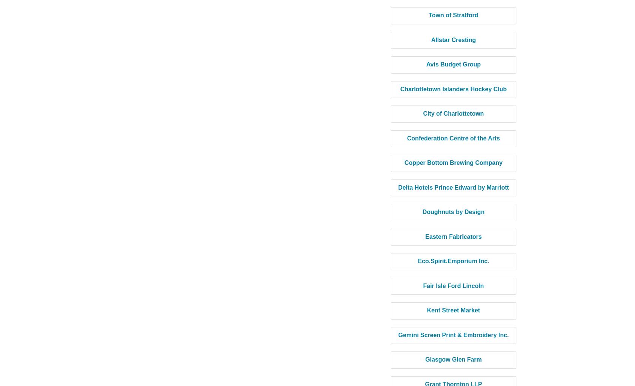 The width and height of the screenshot is (635, 386). What do you see at coordinates (453, 15) in the screenshot?
I see `'Town of Stratford'` at bounding box center [453, 15].